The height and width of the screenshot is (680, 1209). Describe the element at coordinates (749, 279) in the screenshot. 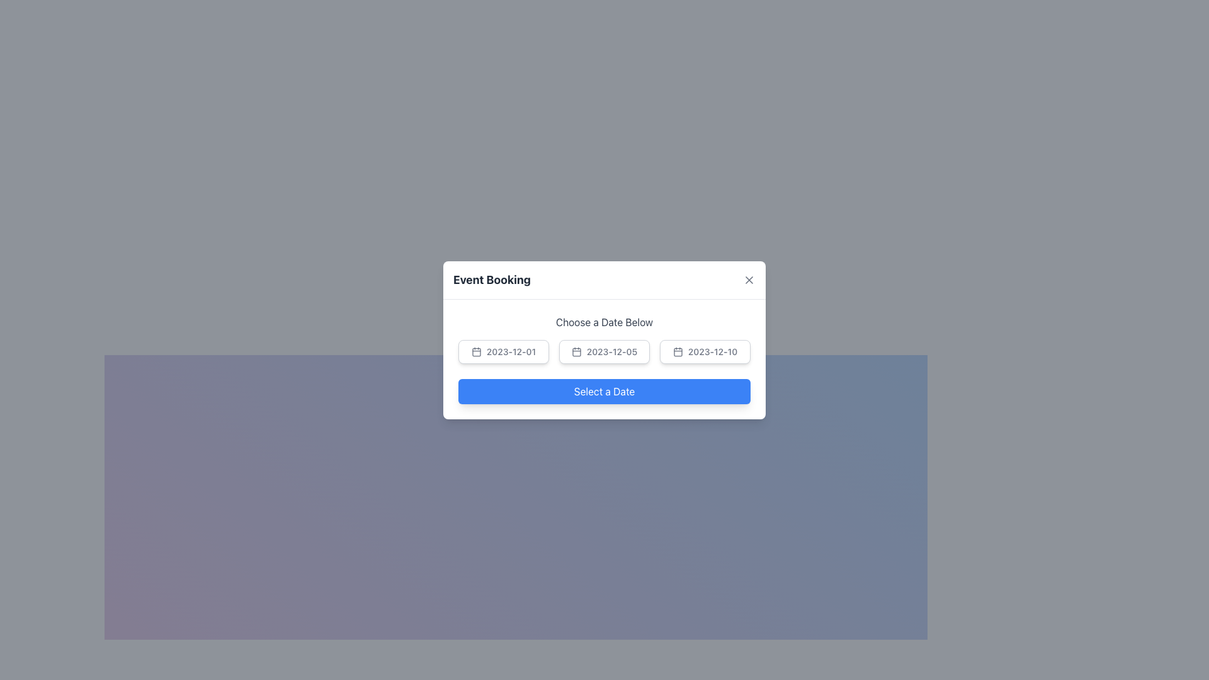

I see `the close button represented by an 'X' symbol located in the top-right corner of the 'Event Booking' header` at that location.